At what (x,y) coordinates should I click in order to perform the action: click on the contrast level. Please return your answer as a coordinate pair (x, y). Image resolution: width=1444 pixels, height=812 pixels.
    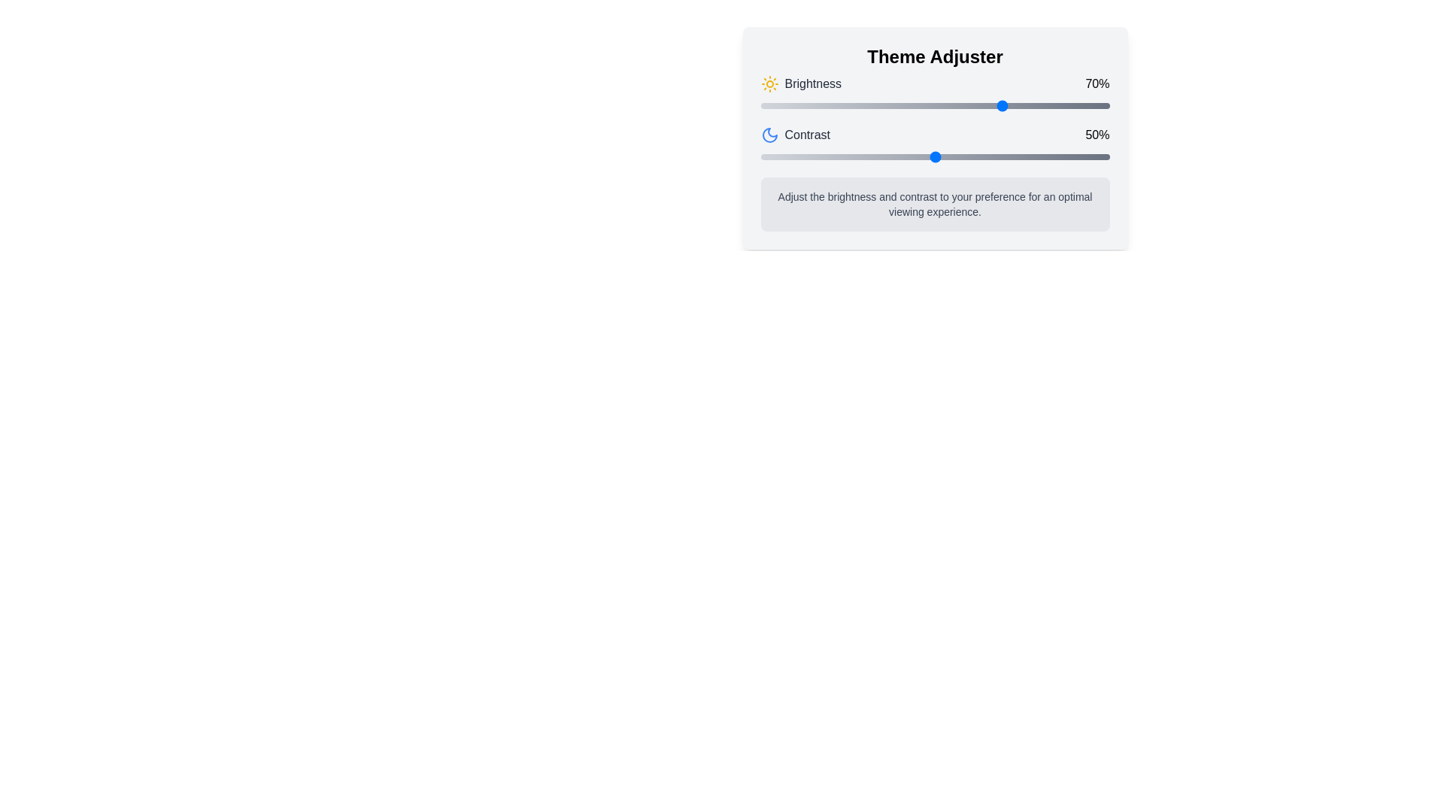
    Looking at the image, I should click on (1092, 156).